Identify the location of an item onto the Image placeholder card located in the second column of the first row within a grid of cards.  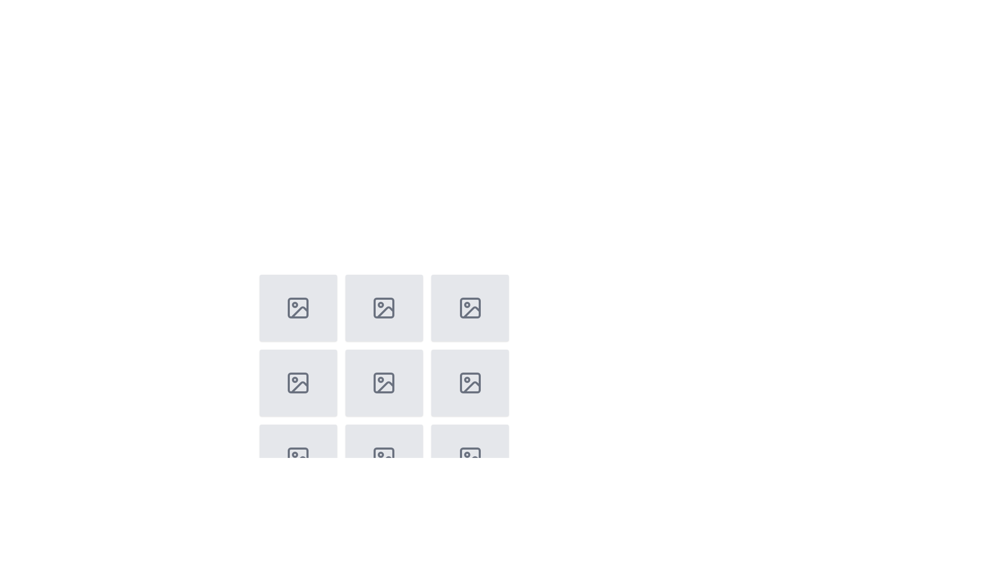
(383, 307).